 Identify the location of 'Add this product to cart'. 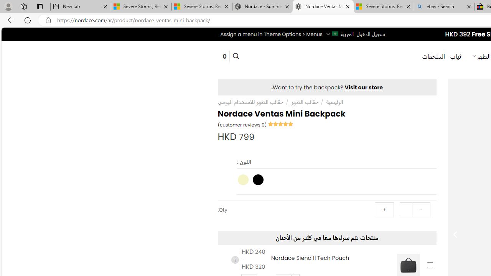
(430, 265).